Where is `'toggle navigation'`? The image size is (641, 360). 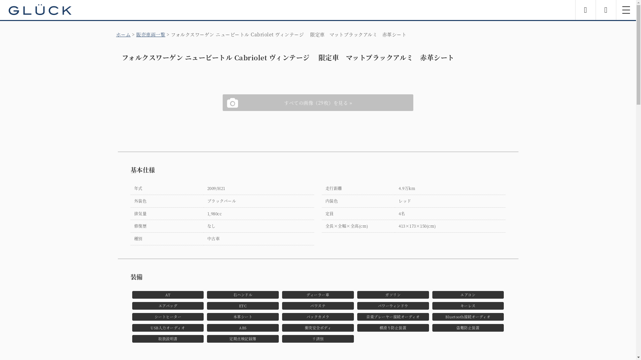
'toggle navigation' is located at coordinates (626, 10).